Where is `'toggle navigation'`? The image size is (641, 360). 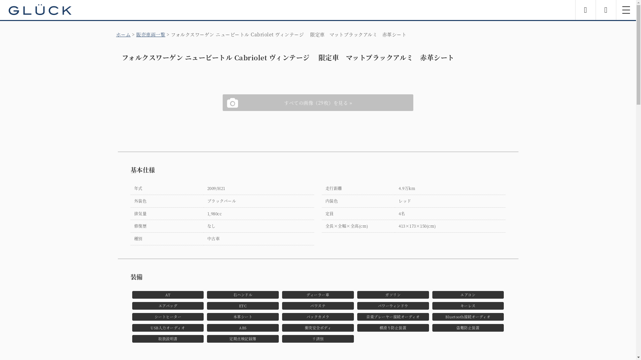
'toggle navigation' is located at coordinates (626, 10).